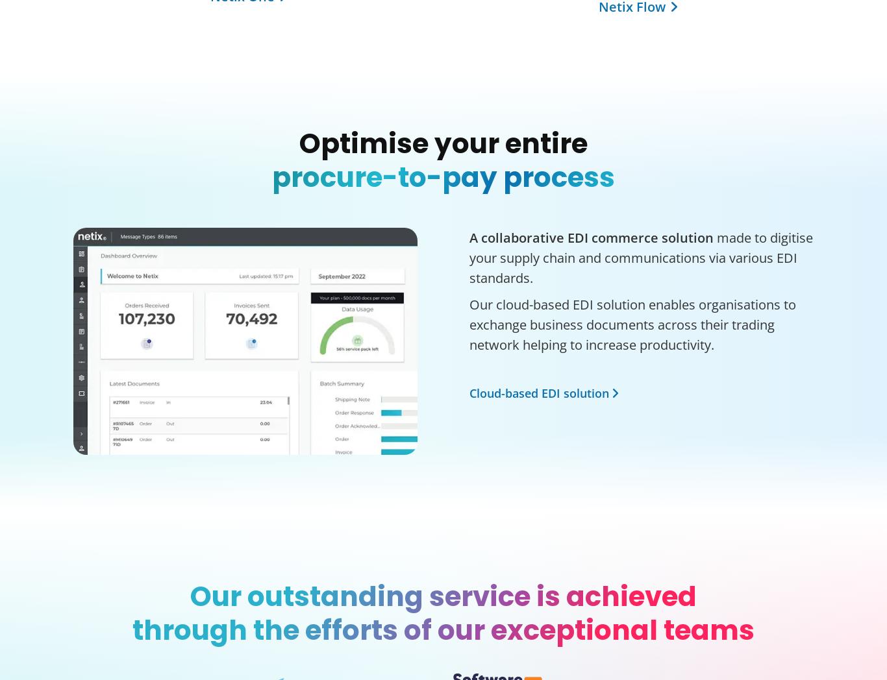 The height and width of the screenshot is (680, 887). I want to click on 'Consultancy', so click(490, 300).